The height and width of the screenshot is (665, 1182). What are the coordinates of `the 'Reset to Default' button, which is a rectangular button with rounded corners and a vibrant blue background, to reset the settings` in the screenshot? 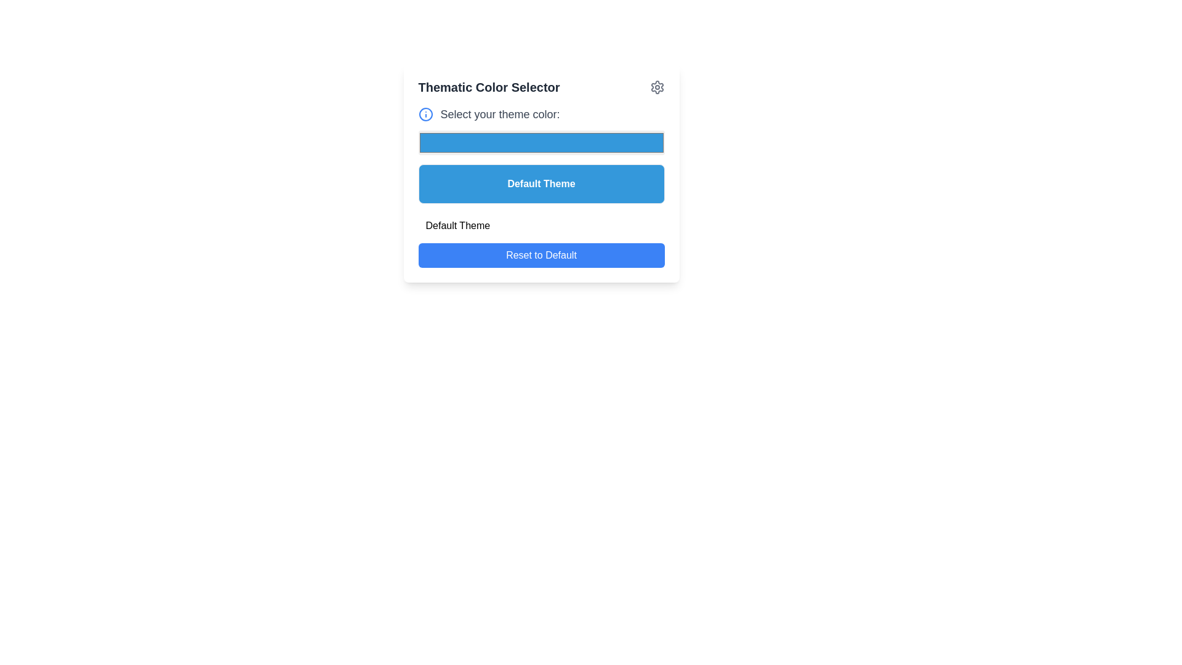 It's located at (541, 240).